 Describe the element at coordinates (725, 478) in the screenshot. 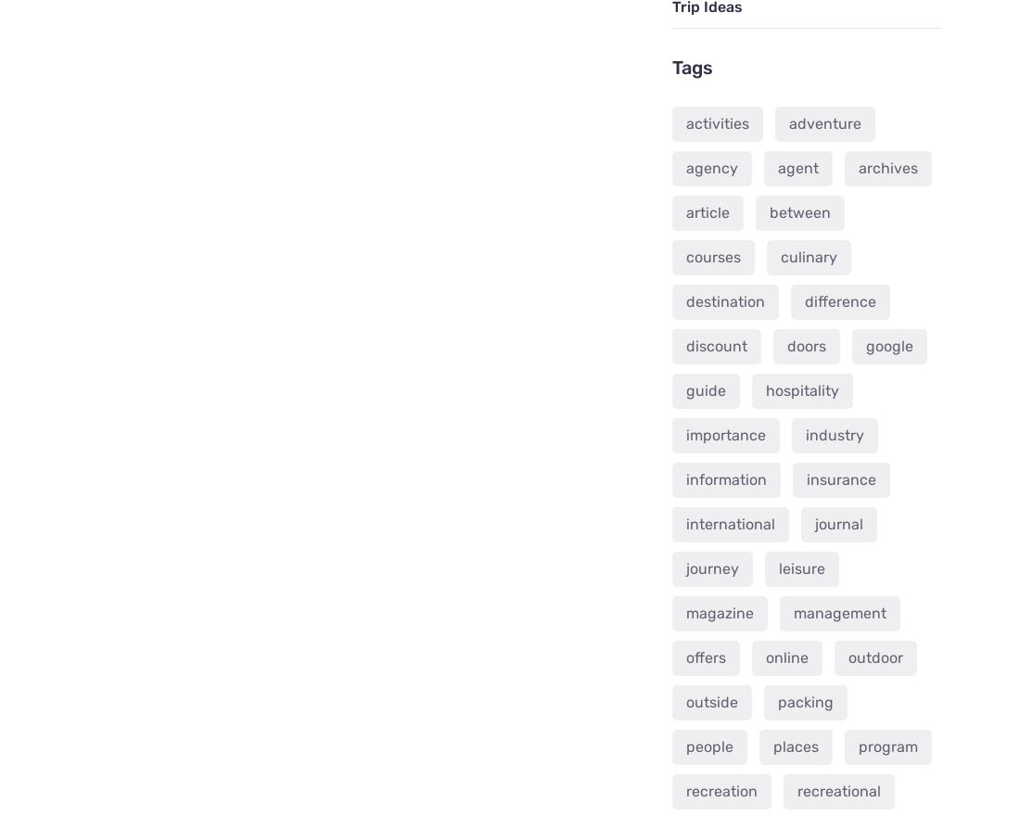

I see `'information'` at that location.